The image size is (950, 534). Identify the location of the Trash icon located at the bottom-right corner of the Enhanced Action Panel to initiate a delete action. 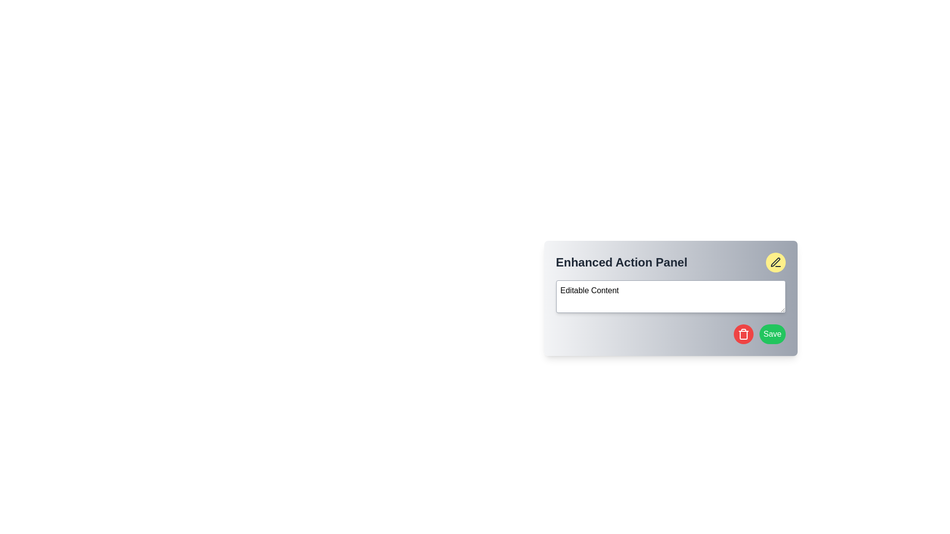
(743, 334).